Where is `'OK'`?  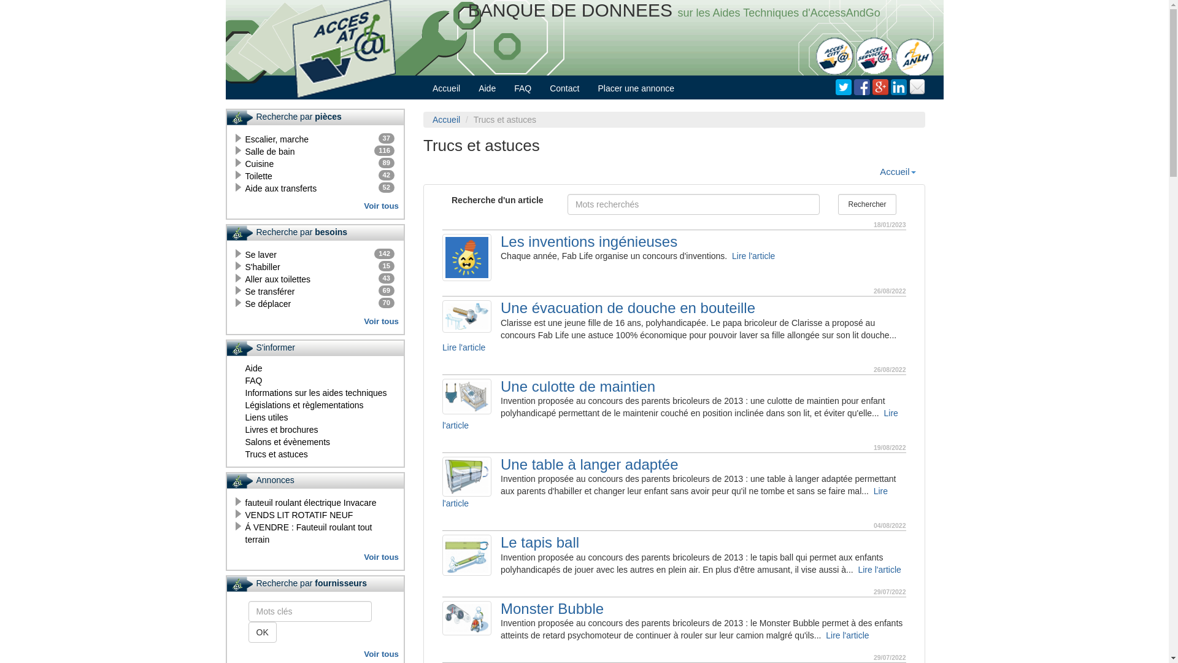
'OK' is located at coordinates (247, 632).